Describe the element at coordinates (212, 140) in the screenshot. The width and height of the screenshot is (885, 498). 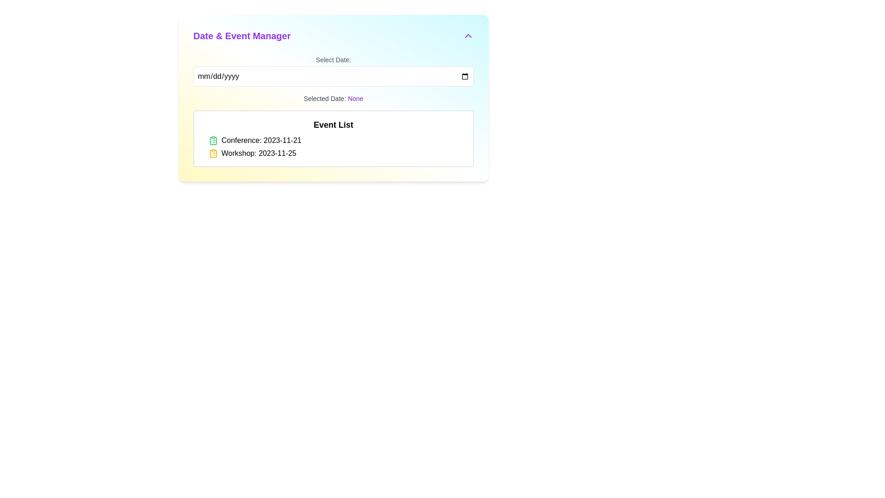
I see `the clipboard icon with a vivid green shade located to the left of the 'Conference: 2023-11-21' text in the 'Event List' section` at that location.